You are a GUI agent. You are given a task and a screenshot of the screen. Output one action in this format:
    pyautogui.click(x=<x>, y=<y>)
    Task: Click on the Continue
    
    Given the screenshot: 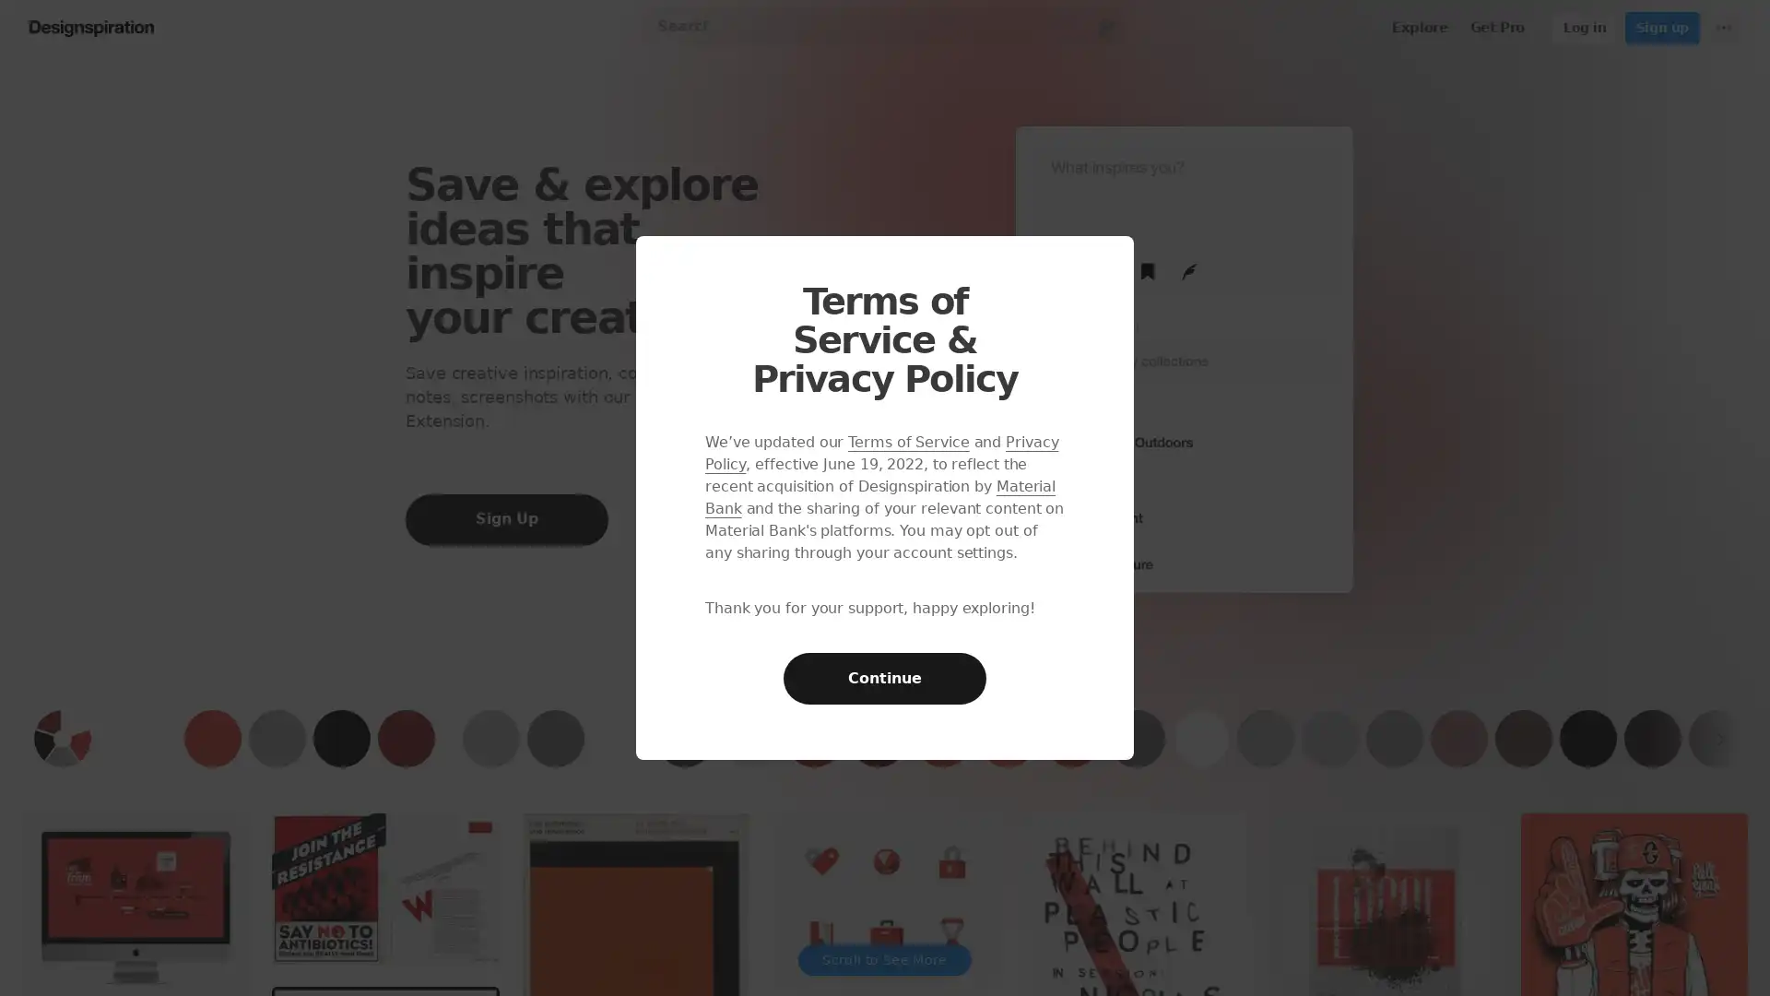 What is the action you would take?
    pyautogui.click(x=885, y=679)
    